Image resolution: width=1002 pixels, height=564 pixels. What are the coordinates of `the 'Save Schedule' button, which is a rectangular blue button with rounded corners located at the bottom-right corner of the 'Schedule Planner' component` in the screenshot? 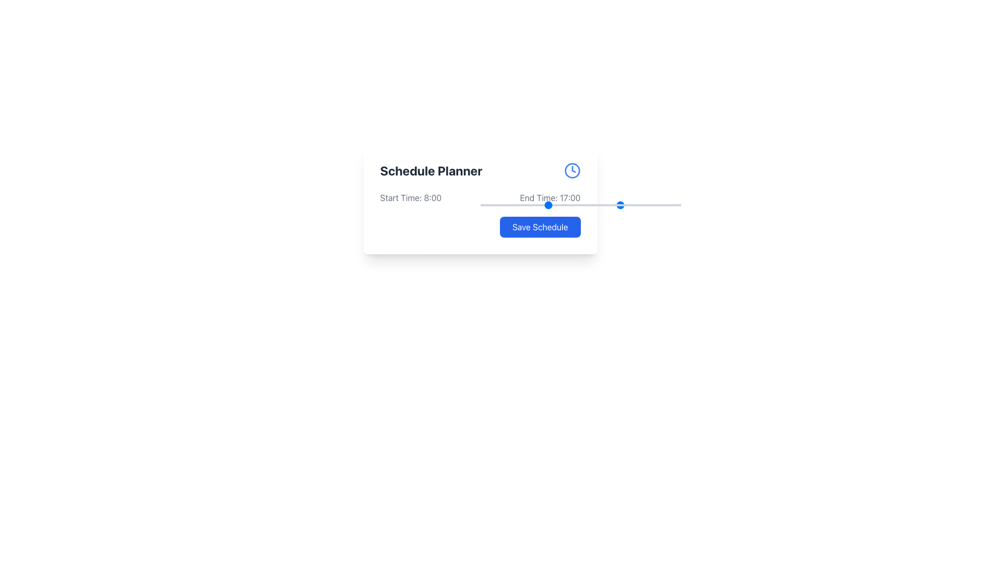 It's located at (540, 227).